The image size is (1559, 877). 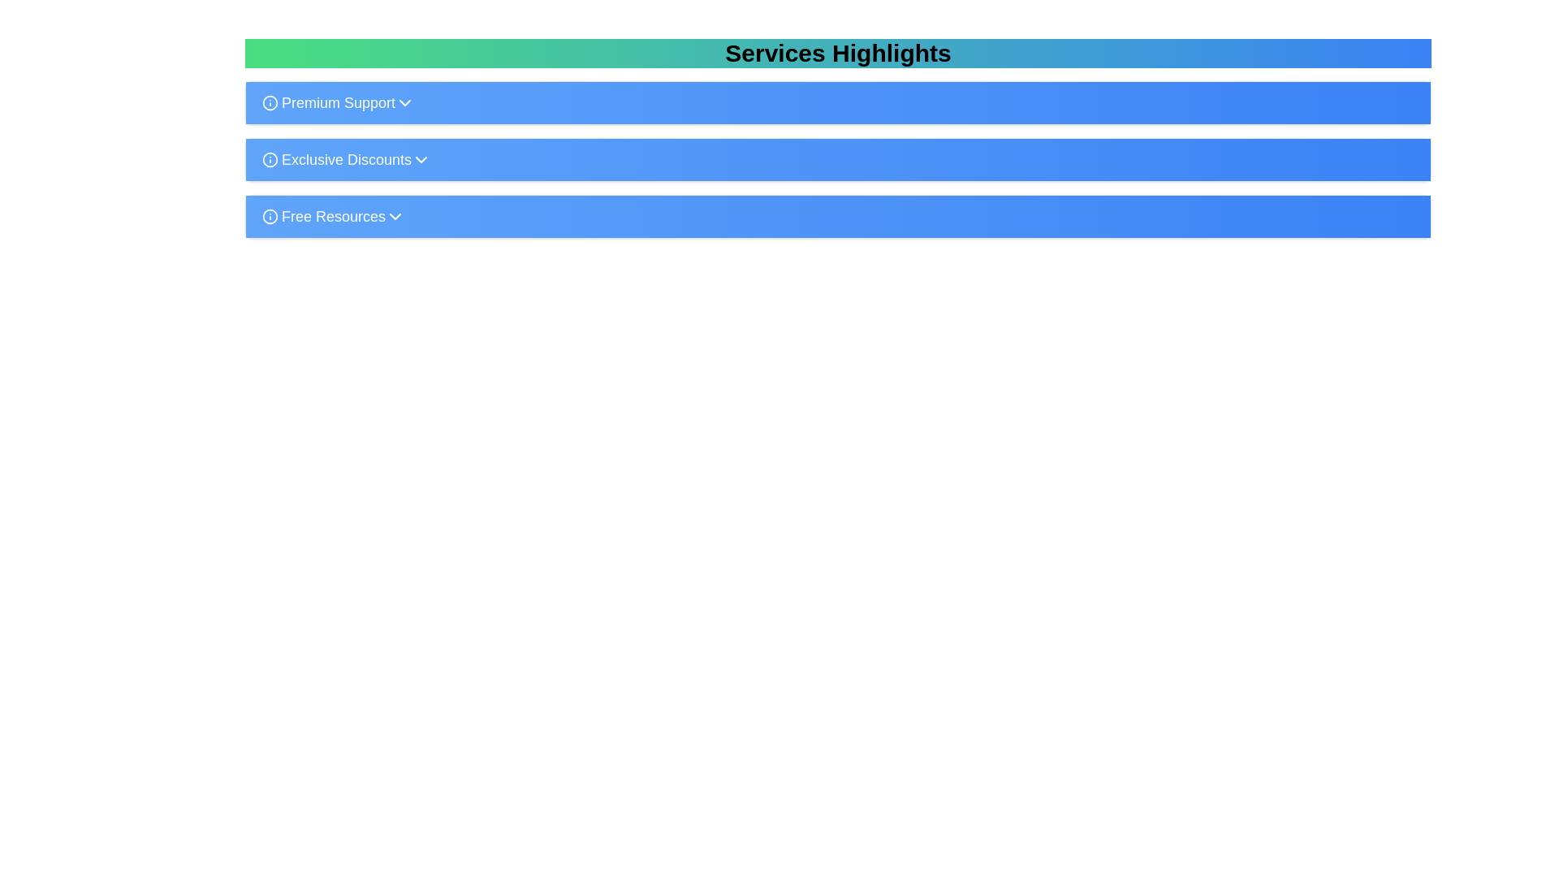 I want to click on the 'Free Resources' text label, which is the third item in the 'Services Highlights' section, so click(x=333, y=215).